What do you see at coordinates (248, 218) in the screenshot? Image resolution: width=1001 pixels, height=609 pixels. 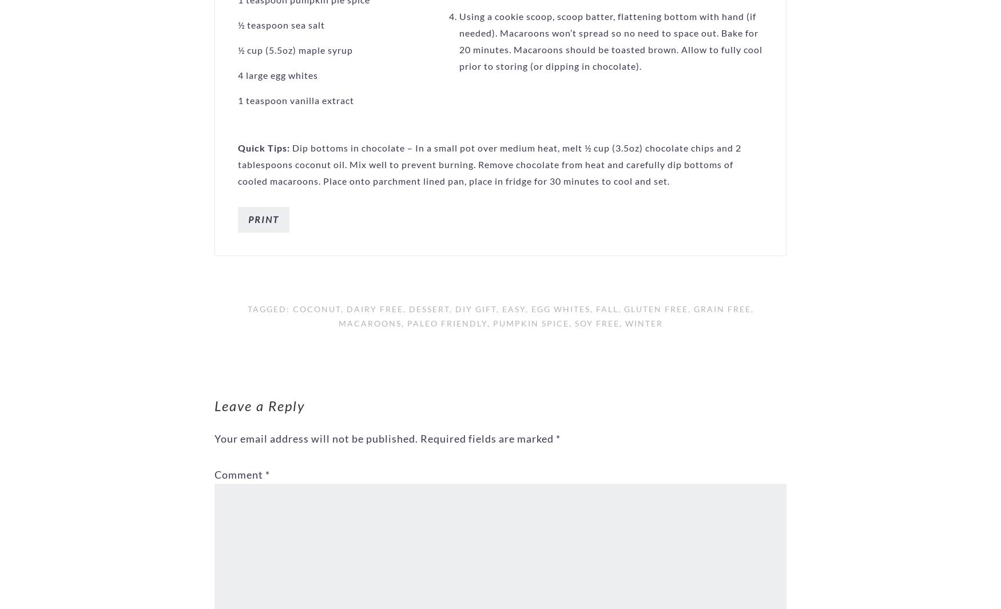 I see `'Print'` at bounding box center [248, 218].